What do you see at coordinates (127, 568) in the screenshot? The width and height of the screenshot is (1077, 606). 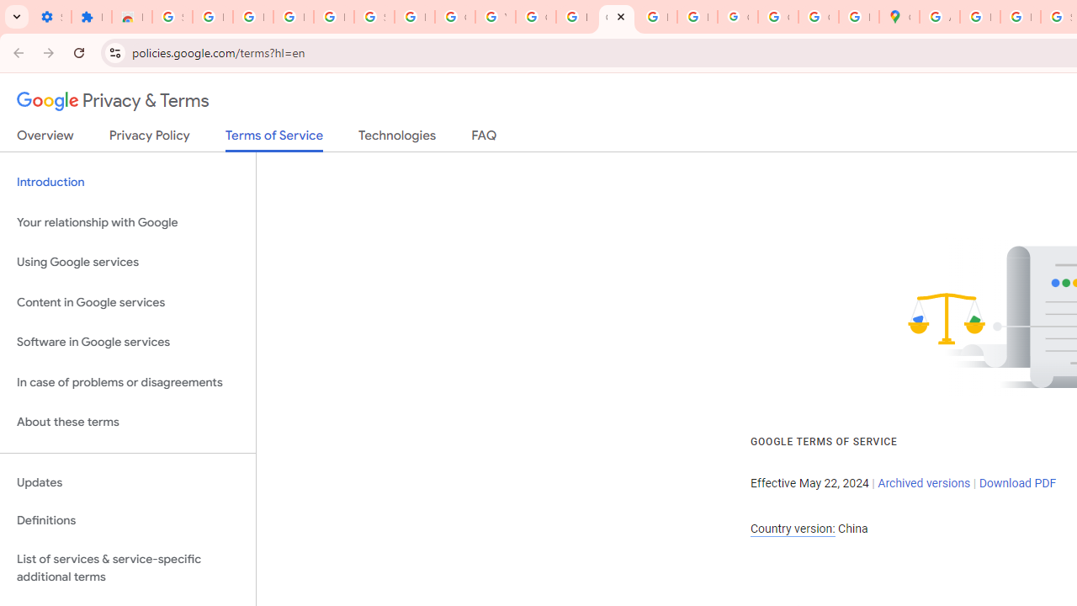 I see `'List of services & service-specific additional terms'` at bounding box center [127, 568].